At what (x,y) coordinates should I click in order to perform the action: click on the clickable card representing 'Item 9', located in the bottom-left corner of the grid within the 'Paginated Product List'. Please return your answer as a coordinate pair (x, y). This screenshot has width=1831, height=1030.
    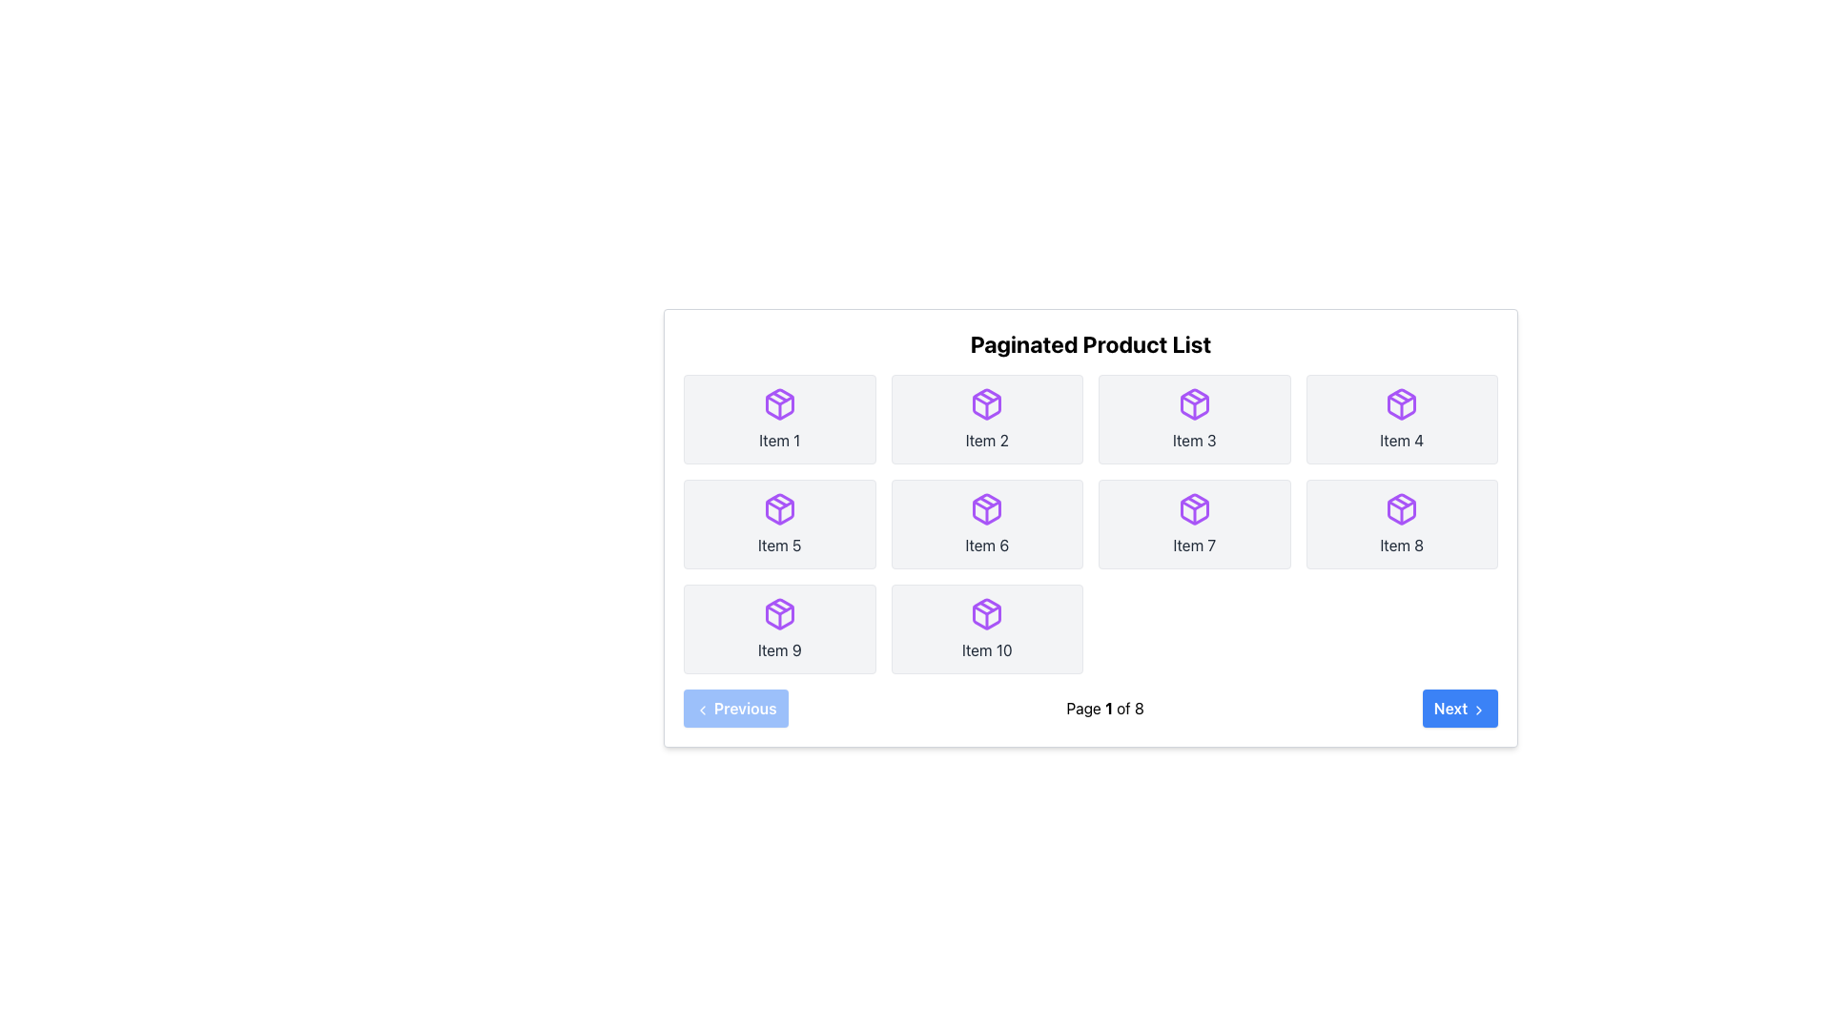
    Looking at the image, I should click on (779, 628).